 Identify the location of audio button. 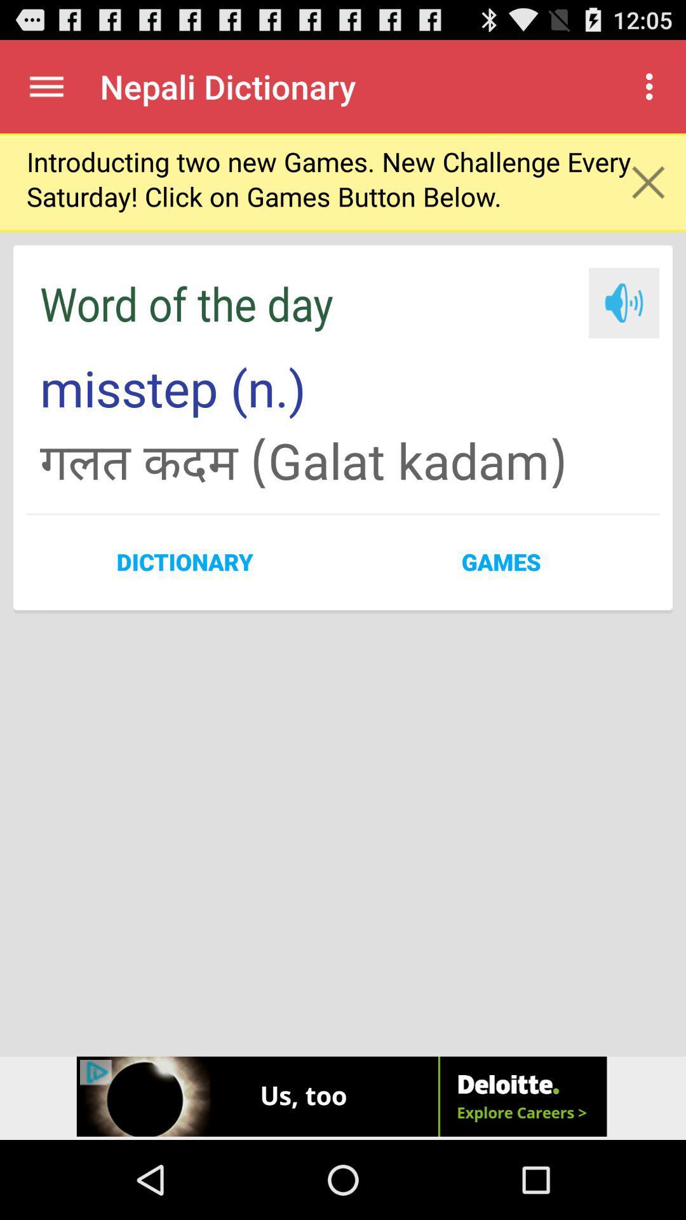
(623, 302).